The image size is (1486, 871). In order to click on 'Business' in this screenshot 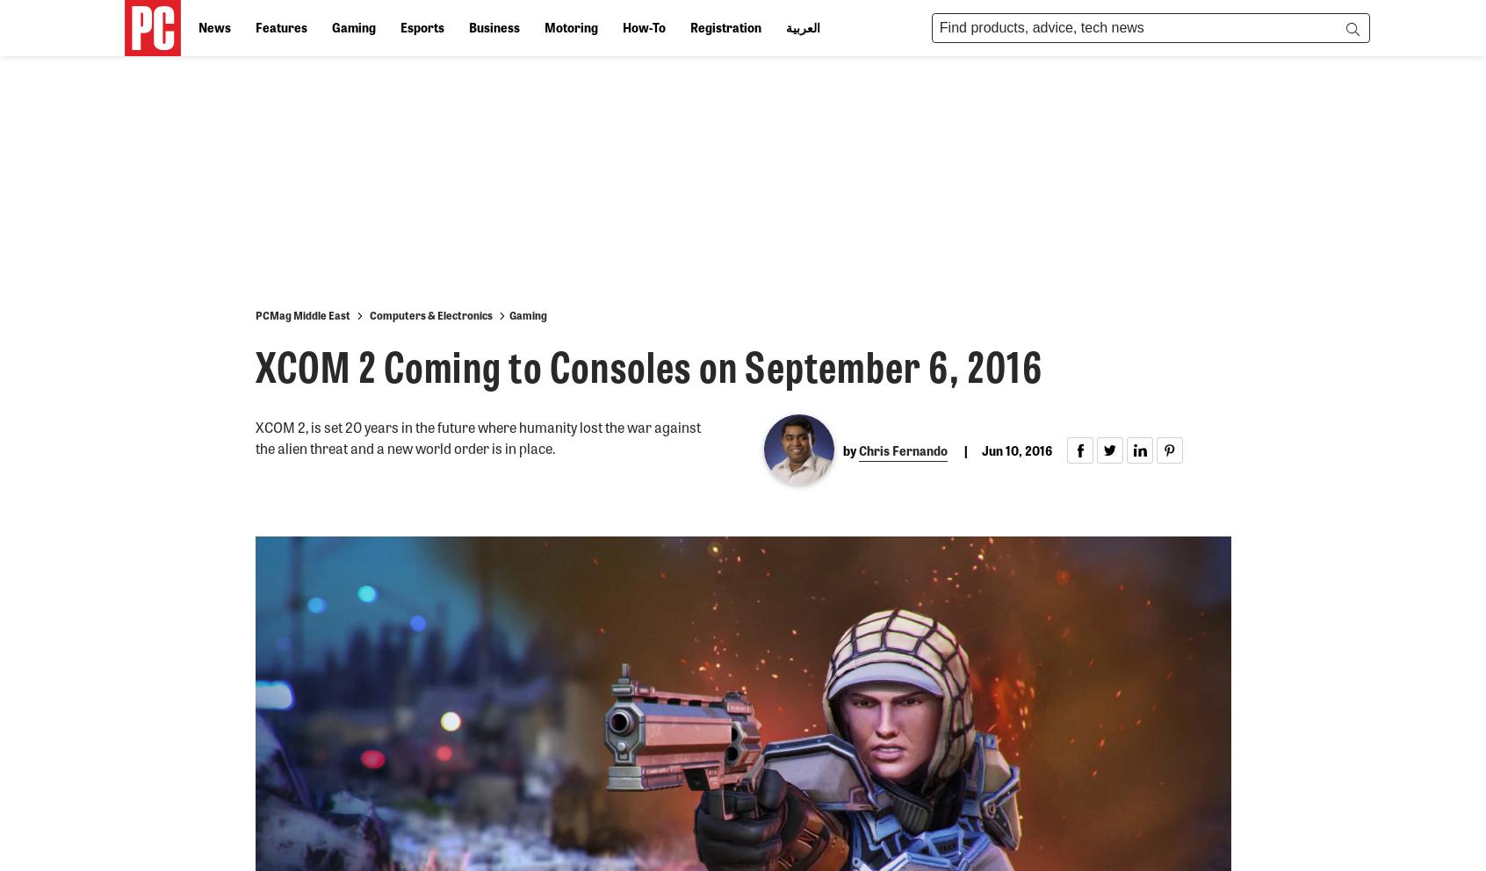, I will do `click(494, 25)`.